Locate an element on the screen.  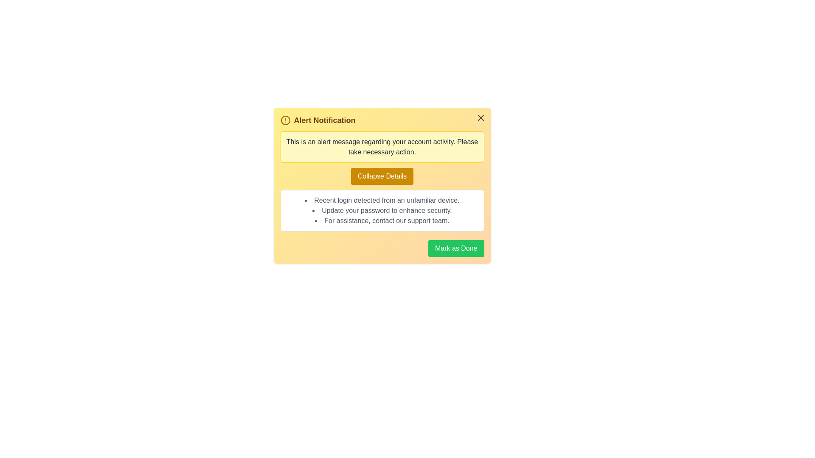
the 'Collapse Details' button to toggle the additional details section is located at coordinates (382, 176).